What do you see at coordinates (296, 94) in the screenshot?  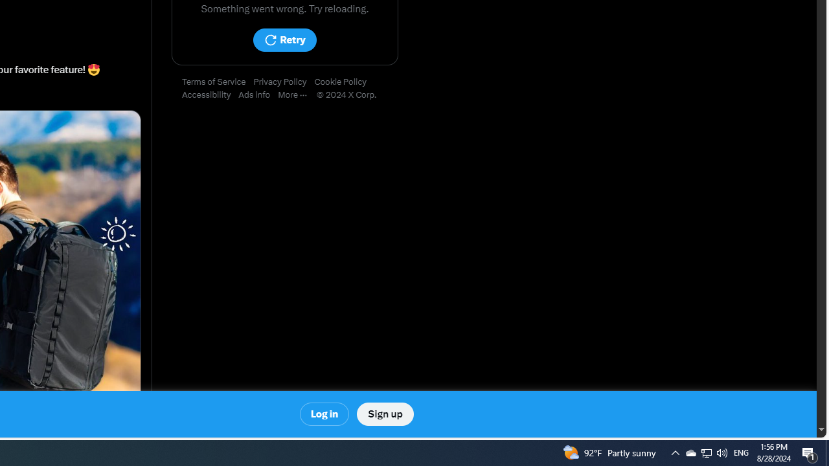 I see `'More'` at bounding box center [296, 94].